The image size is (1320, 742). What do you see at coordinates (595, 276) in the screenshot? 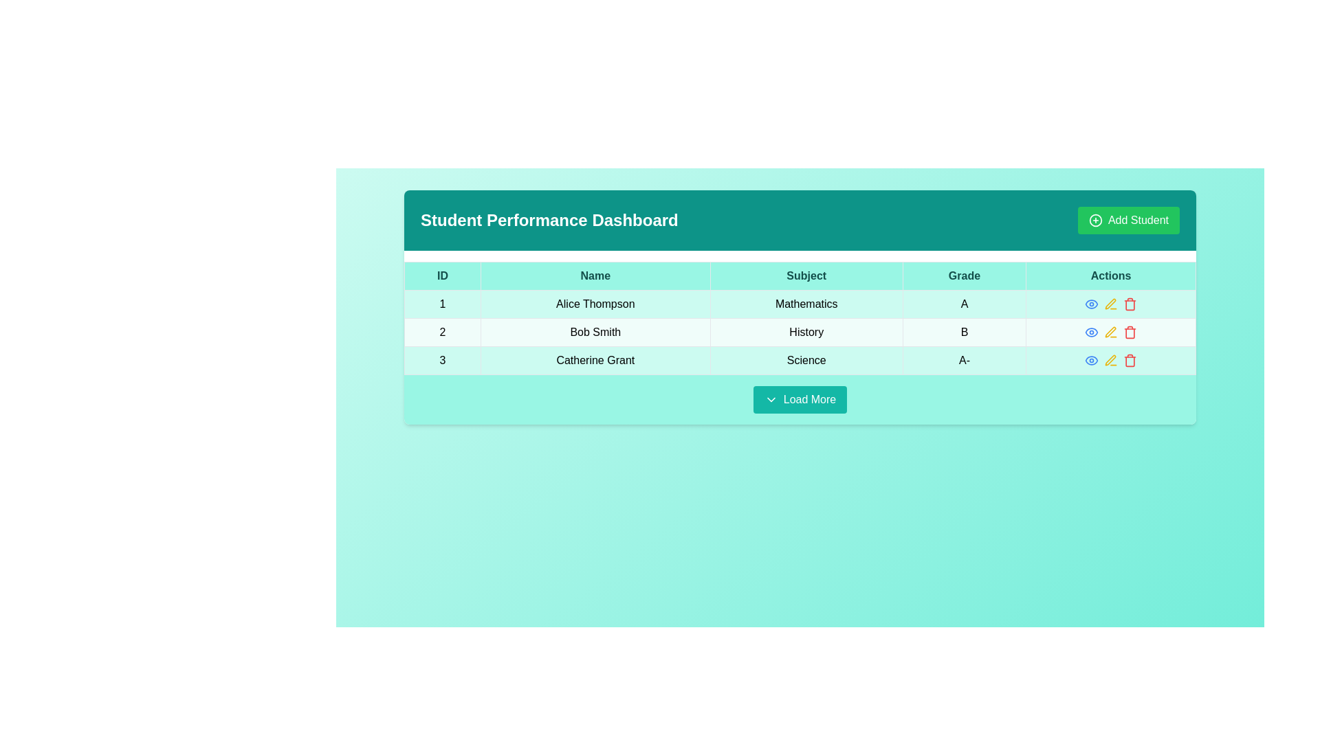
I see `the 'Name' text label in the table header, which is styled with a green background and displays the word 'Name' in bold font` at bounding box center [595, 276].